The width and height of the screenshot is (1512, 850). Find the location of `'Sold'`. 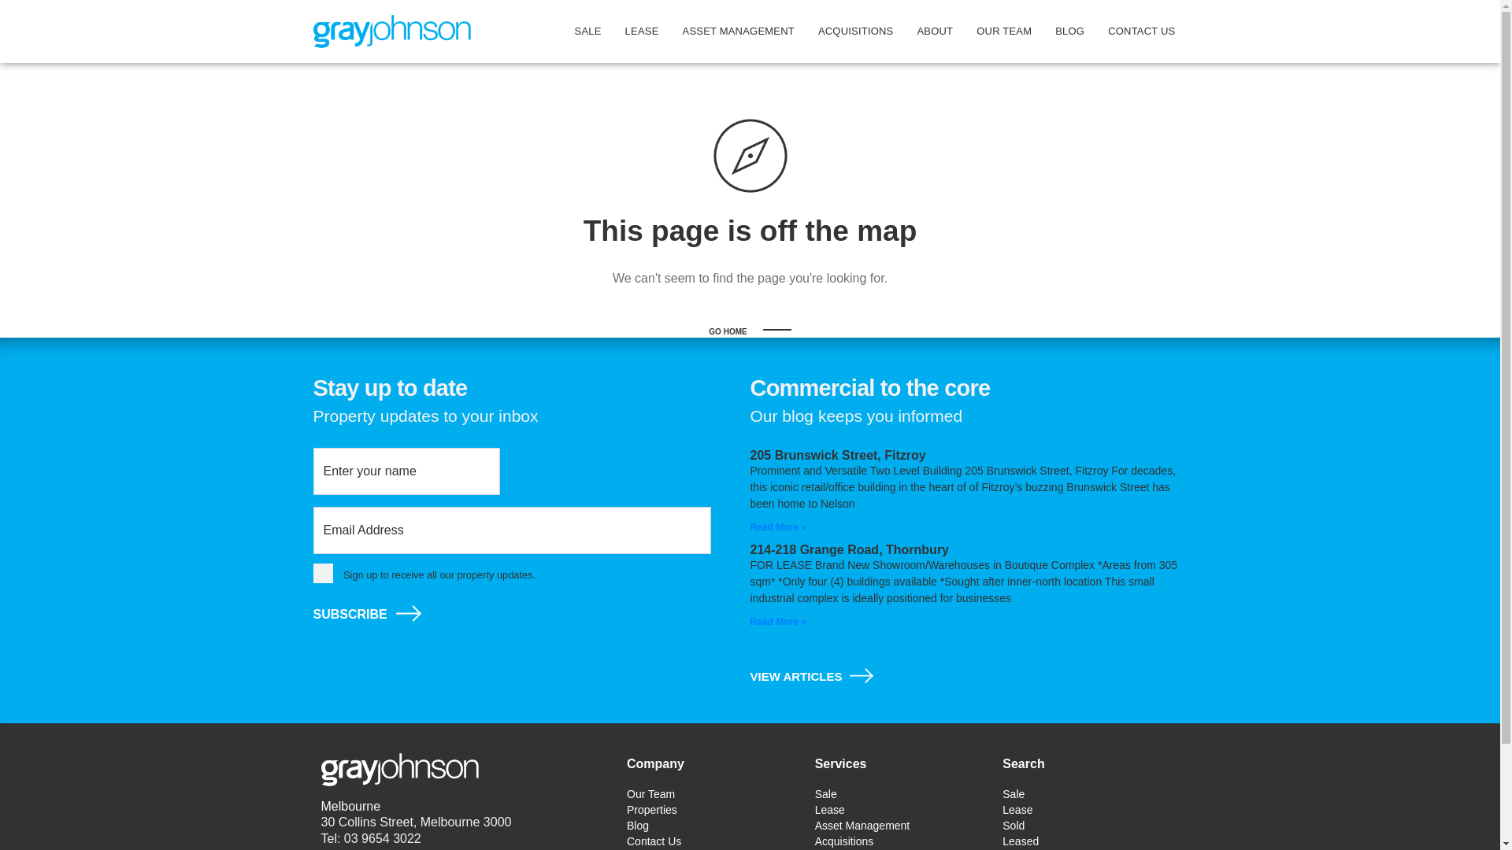

'Sold' is located at coordinates (1001, 825).